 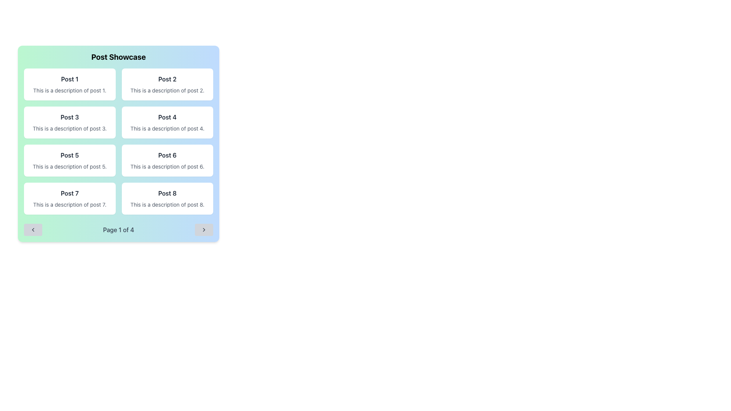 I want to click on the text label displaying 'Page 1 of 4' within the pagination control, centrally located at the bottom of the panel, so click(x=118, y=229).